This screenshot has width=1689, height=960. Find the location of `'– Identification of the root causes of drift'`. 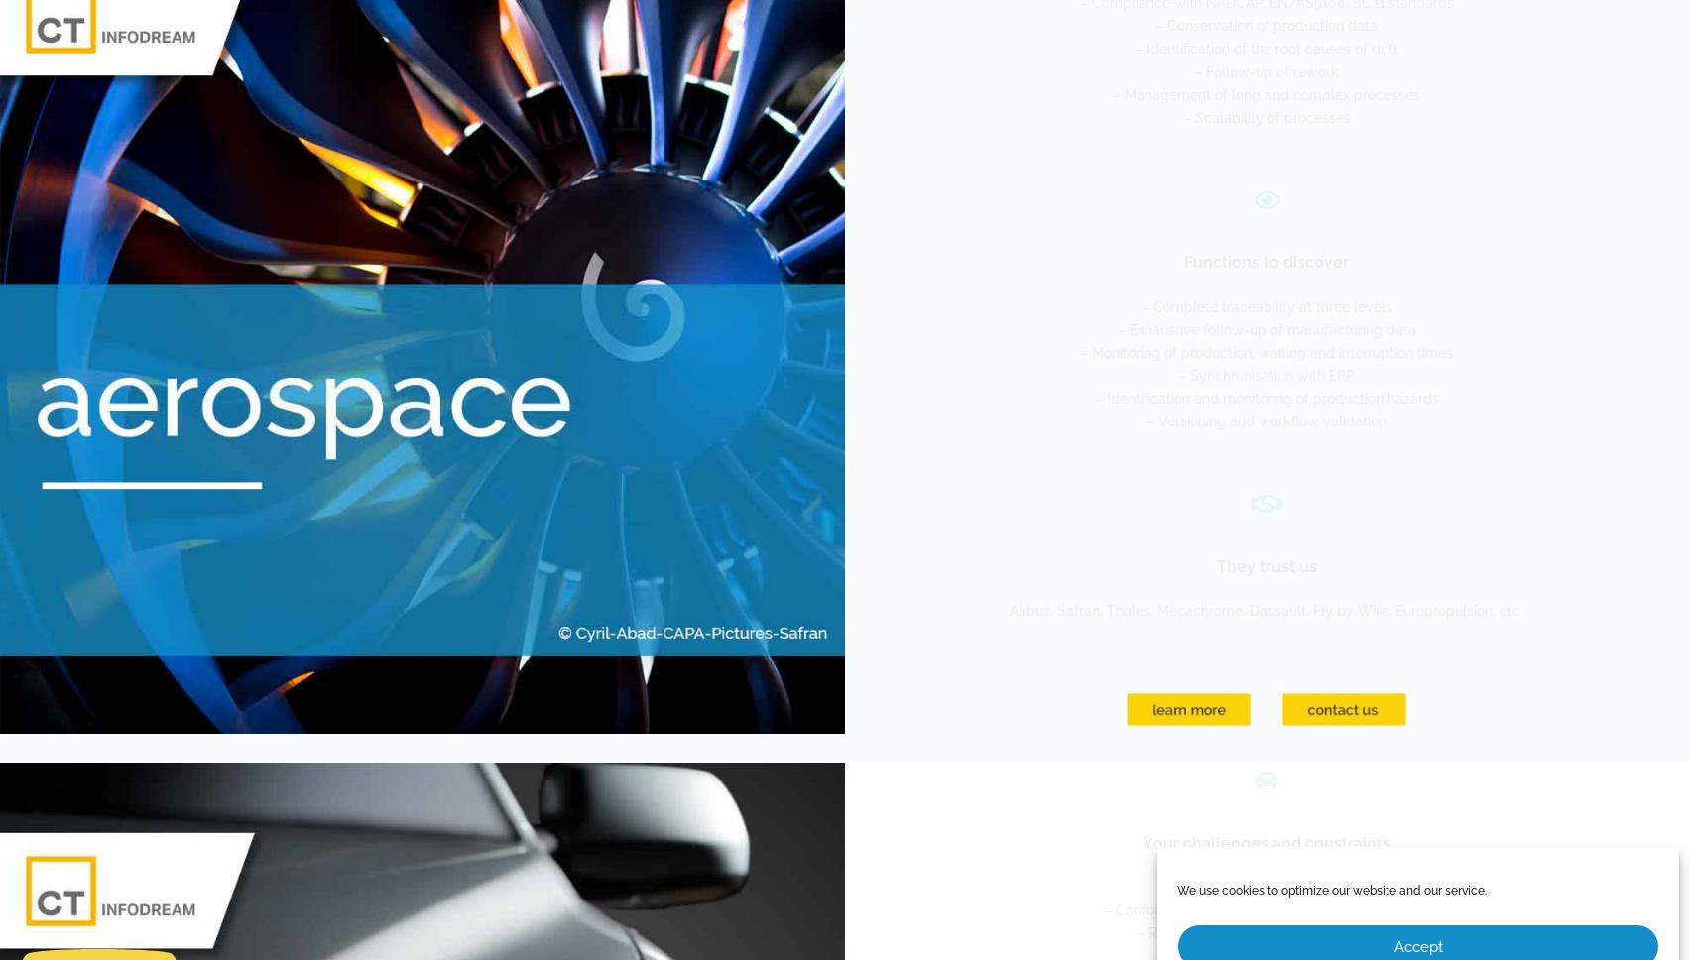

'– Identification of the root causes of drift' is located at coordinates (1135, 47).